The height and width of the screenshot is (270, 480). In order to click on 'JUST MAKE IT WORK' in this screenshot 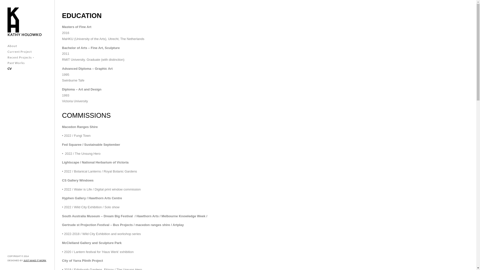, I will do `click(34, 260)`.